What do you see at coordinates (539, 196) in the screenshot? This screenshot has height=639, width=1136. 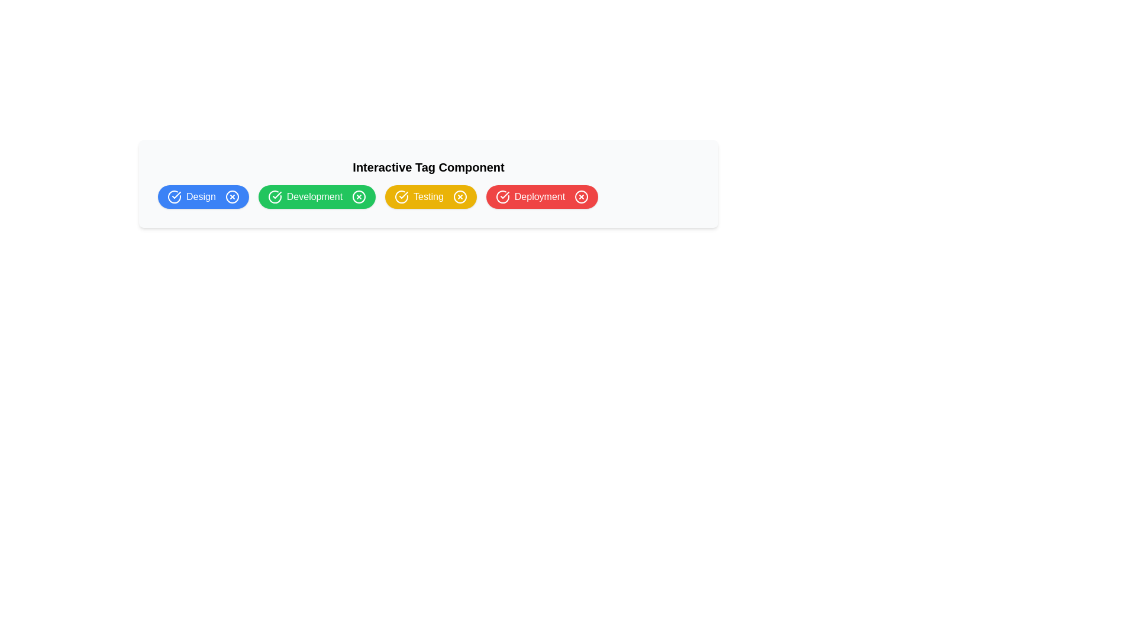 I see `text label displaying 'Deployment' which is styled in white text against a red rounded-rectangle background, located in a button-like structure as the fourth option in a horizontal list` at bounding box center [539, 196].